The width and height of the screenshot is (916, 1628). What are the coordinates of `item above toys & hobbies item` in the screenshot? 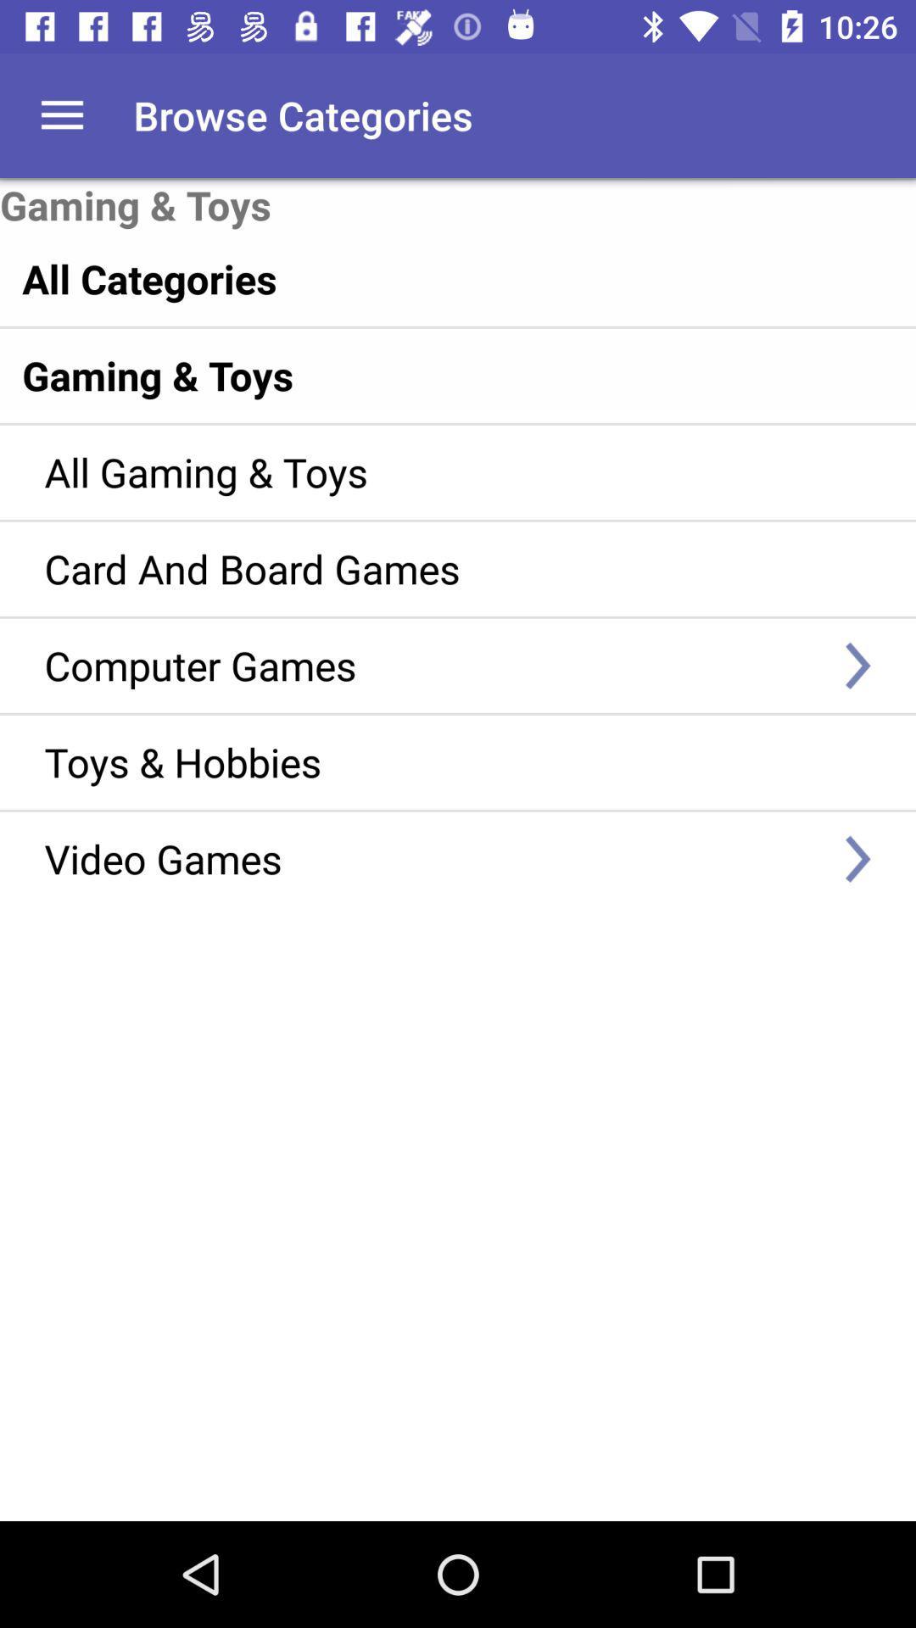 It's located at (433, 664).